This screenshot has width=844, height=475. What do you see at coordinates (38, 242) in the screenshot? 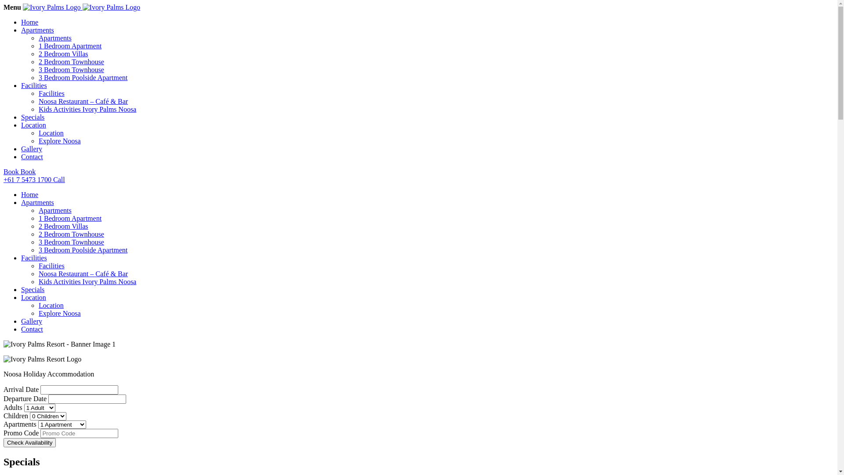
I see `'3 Bedroom Townhouse'` at bounding box center [38, 242].